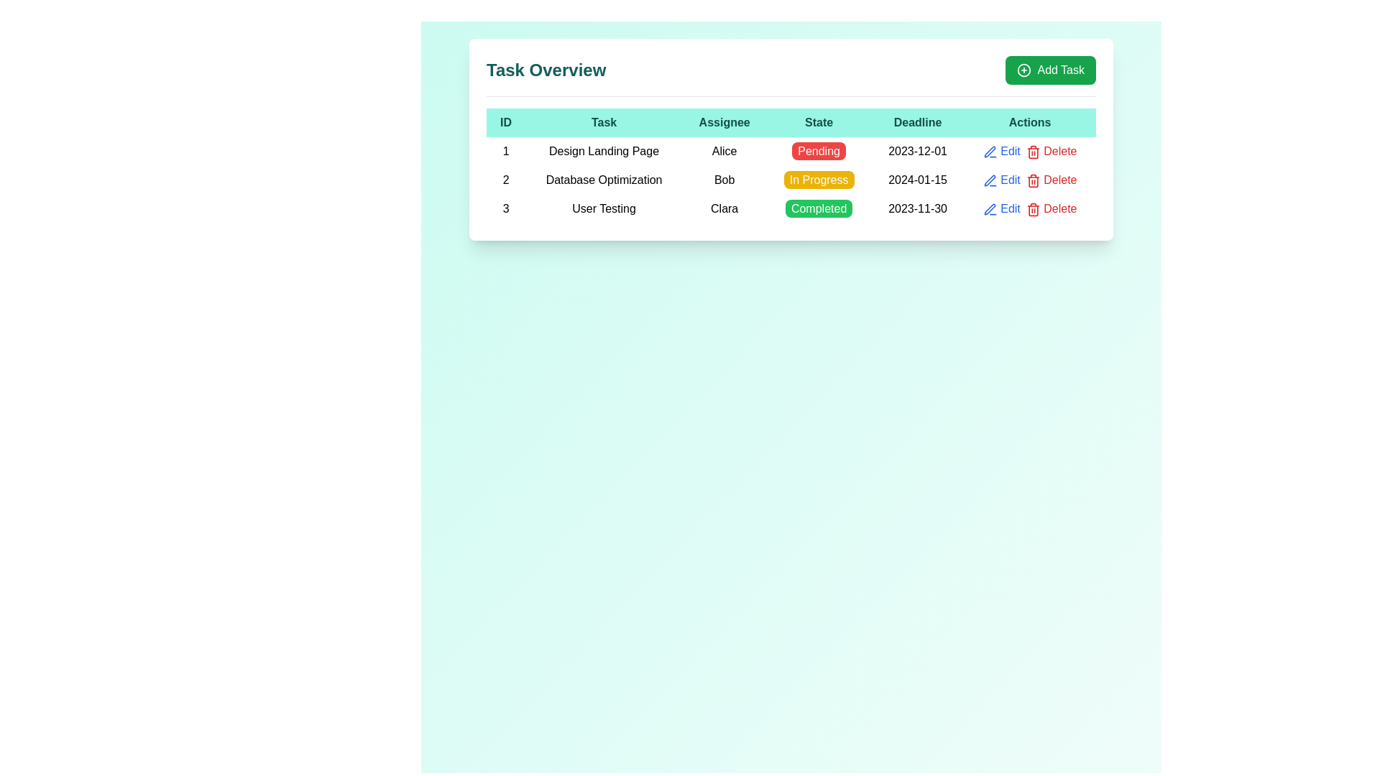 This screenshot has height=776, width=1380. What do you see at coordinates (1023, 70) in the screenshot?
I see `the circular icon within the 'Add Task' button located in the top-right corner of the task management interface` at bounding box center [1023, 70].